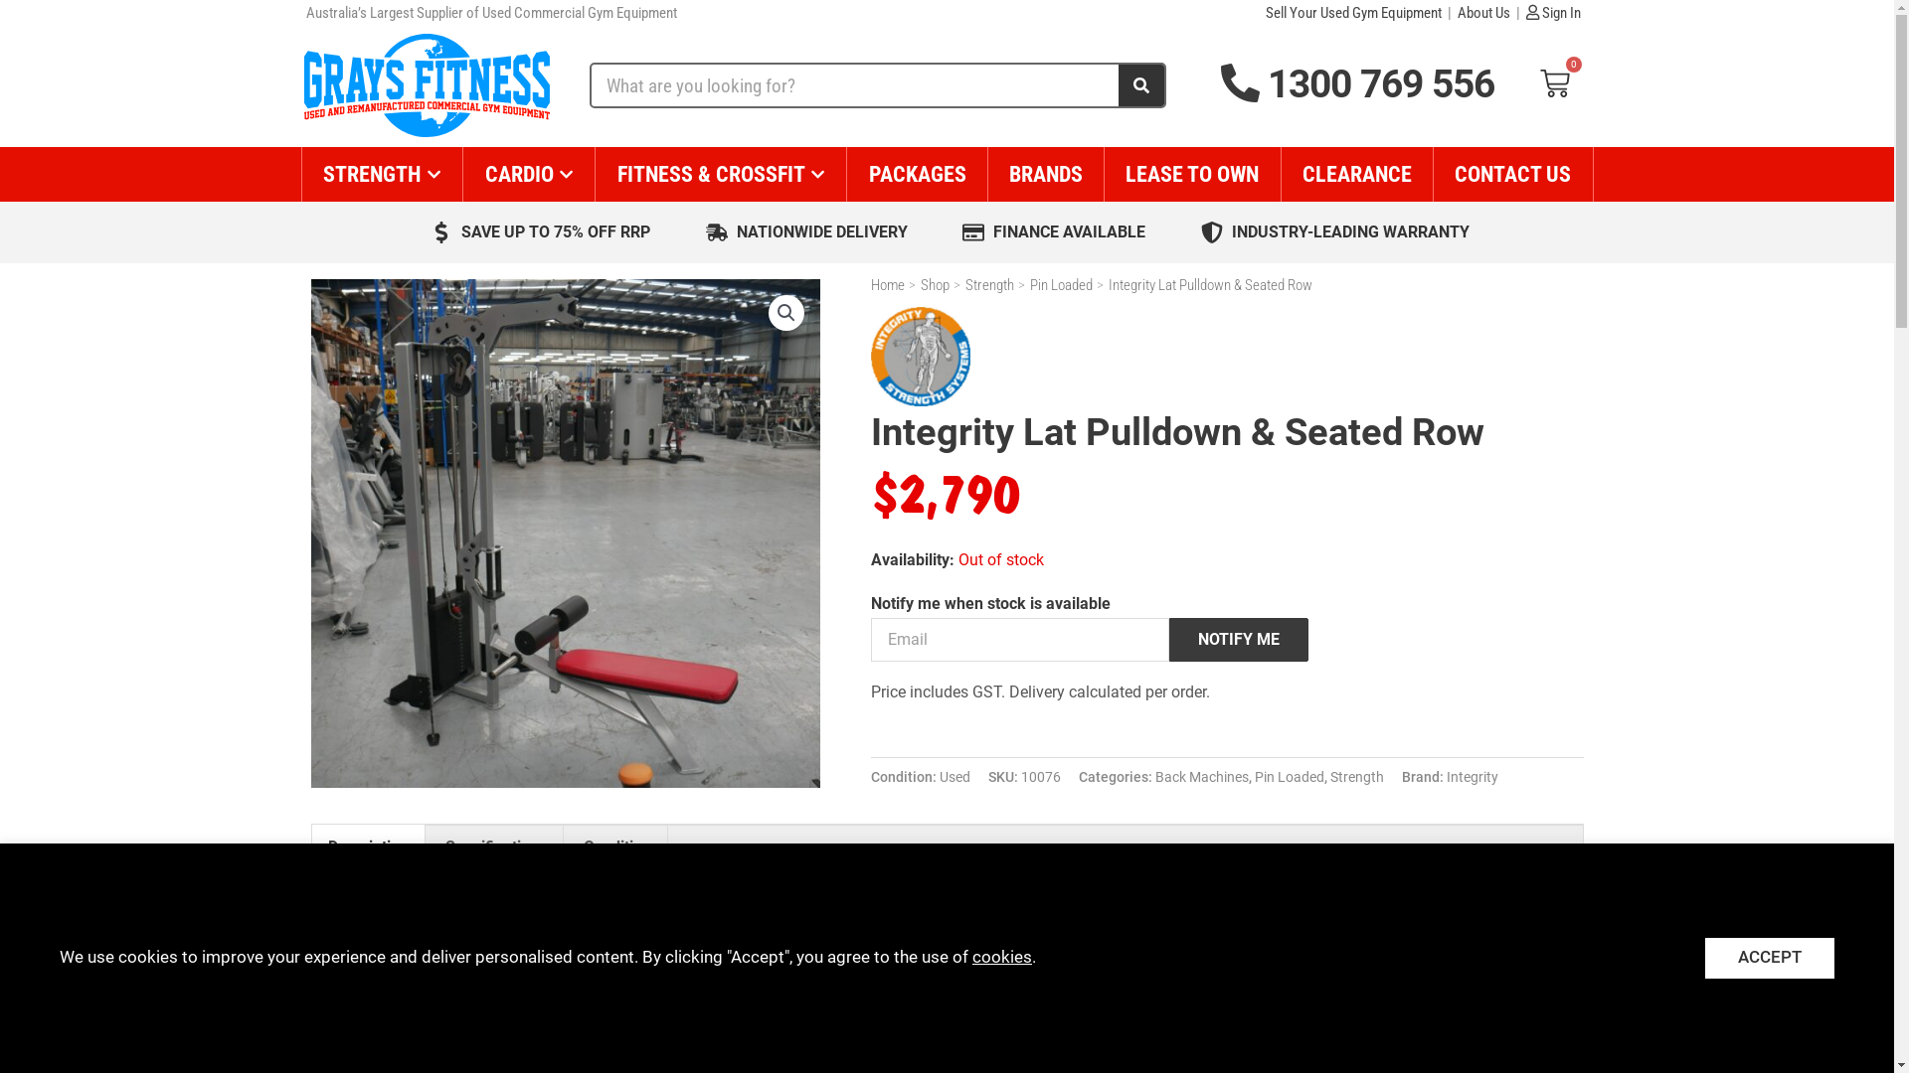 This screenshot has height=1073, width=1909. What do you see at coordinates (886, 284) in the screenshot?
I see `'Home'` at bounding box center [886, 284].